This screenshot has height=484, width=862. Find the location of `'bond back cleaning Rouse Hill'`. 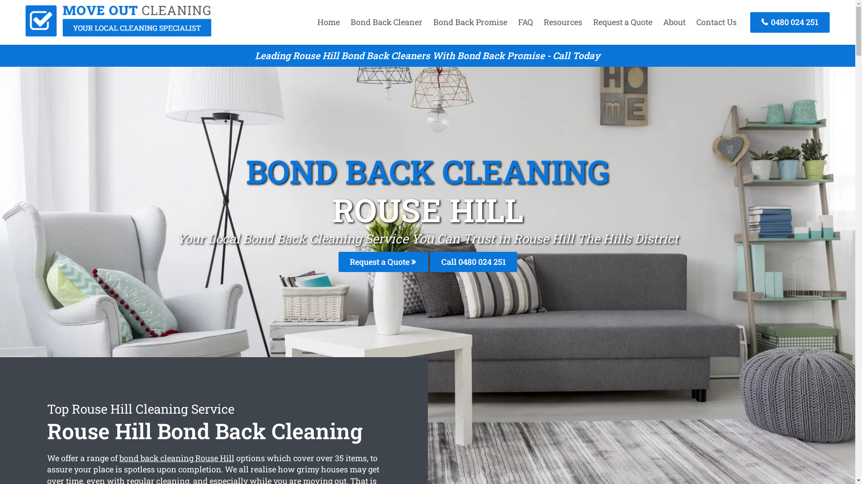

'bond back cleaning Rouse Hill' is located at coordinates (119, 458).